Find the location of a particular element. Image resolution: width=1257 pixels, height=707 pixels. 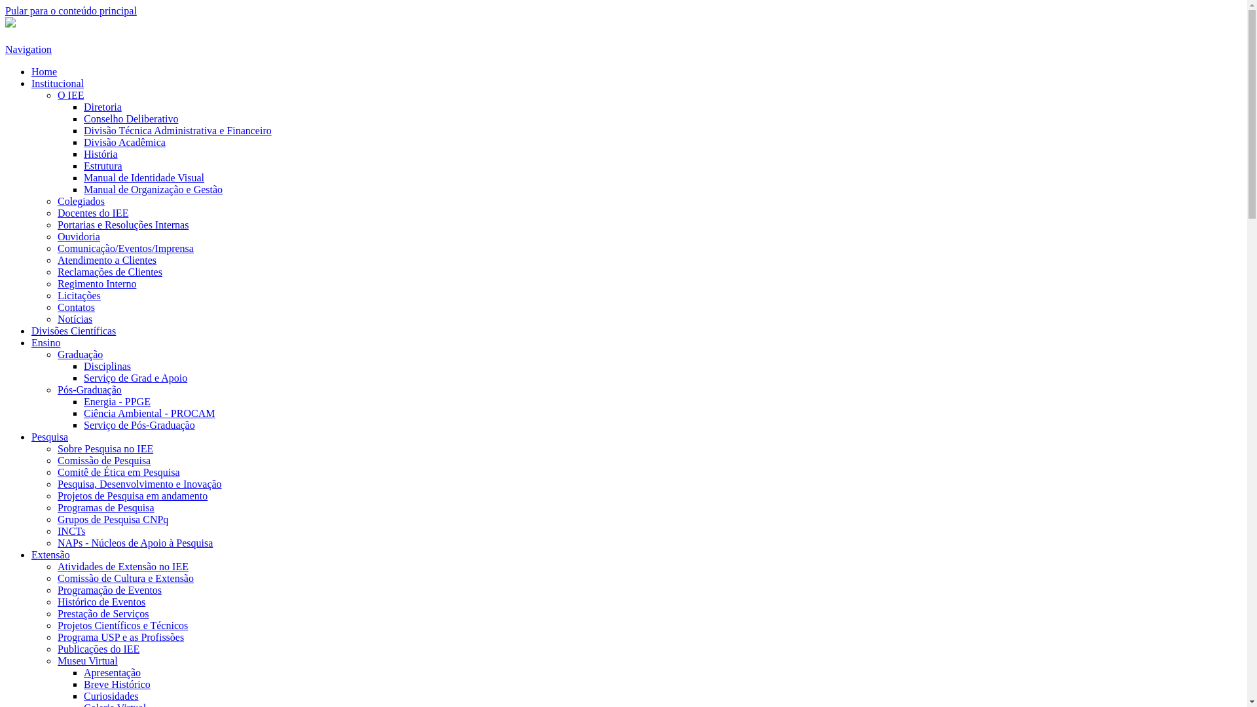

'Ensino' is located at coordinates (31, 342).